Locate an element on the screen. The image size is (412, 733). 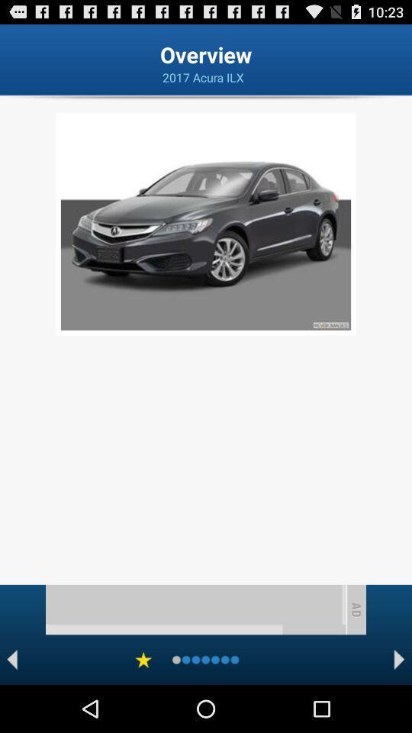
the arrow_backward icon is located at coordinates (11, 706).